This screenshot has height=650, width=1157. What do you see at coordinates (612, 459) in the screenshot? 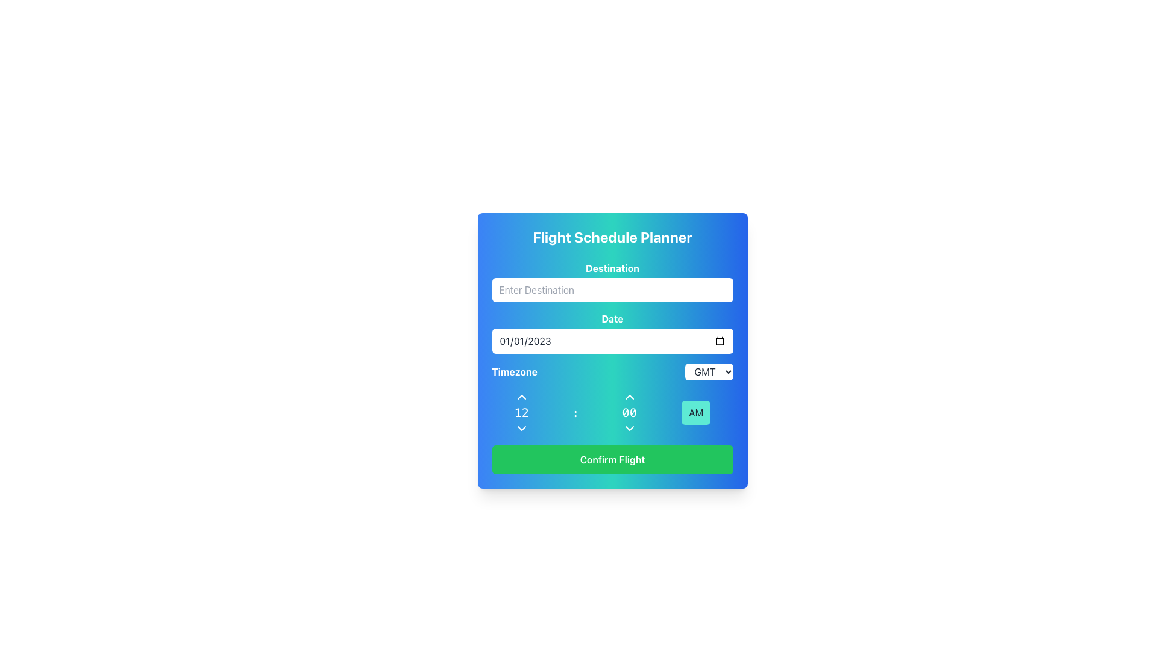
I see `the 'Confirm Flight' button located at the bottom of the flight scheduling interface` at bounding box center [612, 459].